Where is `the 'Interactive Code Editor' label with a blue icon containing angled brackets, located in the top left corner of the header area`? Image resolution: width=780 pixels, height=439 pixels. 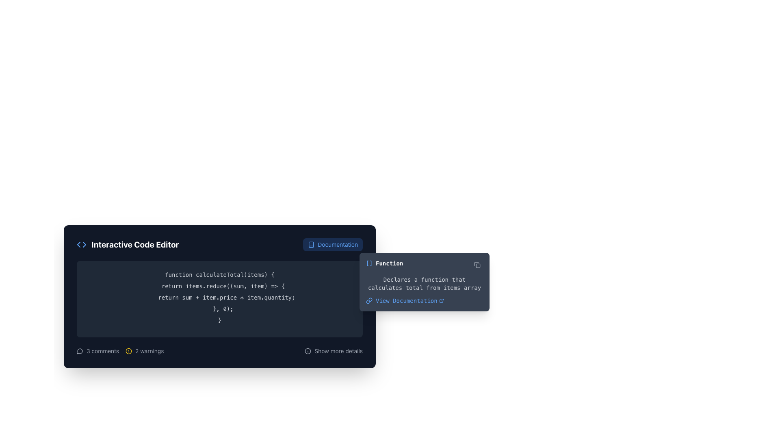
the 'Interactive Code Editor' label with a blue icon containing angled brackets, located in the top left corner of the header area is located at coordinates (127, 244).